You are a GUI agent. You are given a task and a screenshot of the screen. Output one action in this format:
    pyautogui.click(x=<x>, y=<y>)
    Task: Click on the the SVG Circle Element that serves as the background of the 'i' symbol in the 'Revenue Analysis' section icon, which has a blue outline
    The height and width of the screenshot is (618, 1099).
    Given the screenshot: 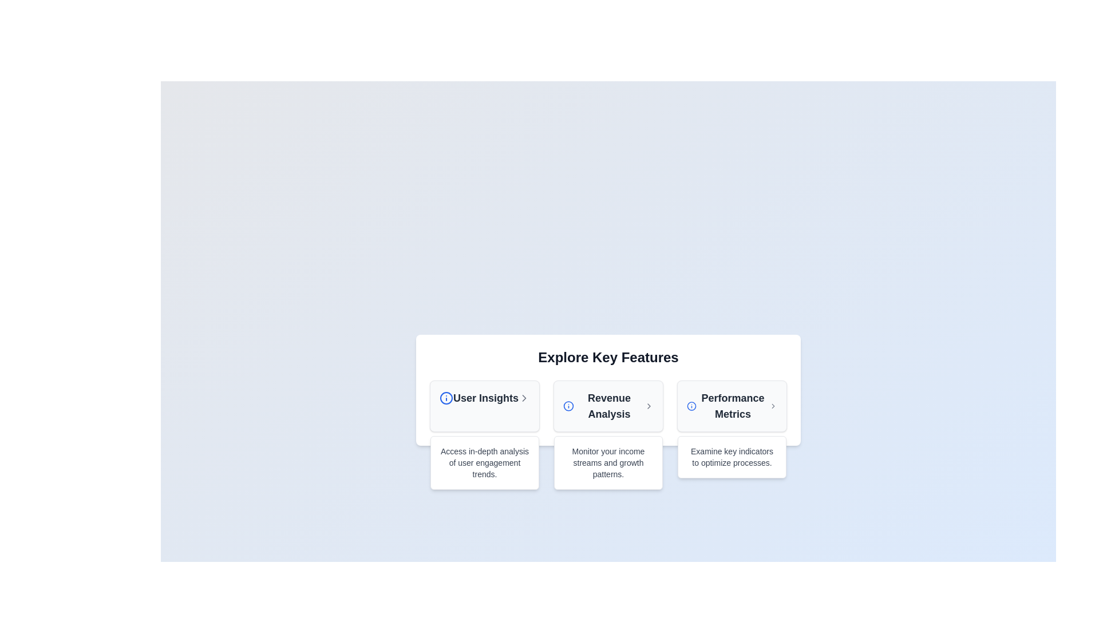 What is the action you would take?
    pyautogui.click(x=445, y=397)
    